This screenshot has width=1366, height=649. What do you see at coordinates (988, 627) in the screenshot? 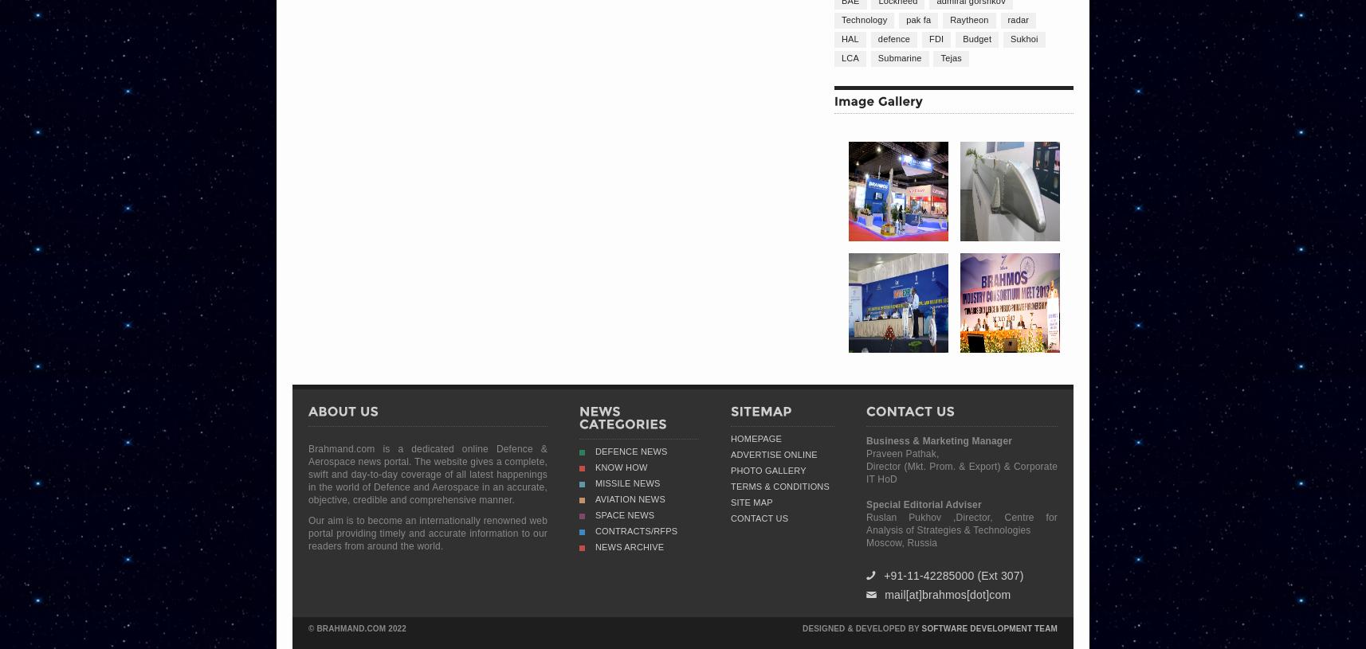
I see `'Software Development Team'` at bounding box center [988, 627].